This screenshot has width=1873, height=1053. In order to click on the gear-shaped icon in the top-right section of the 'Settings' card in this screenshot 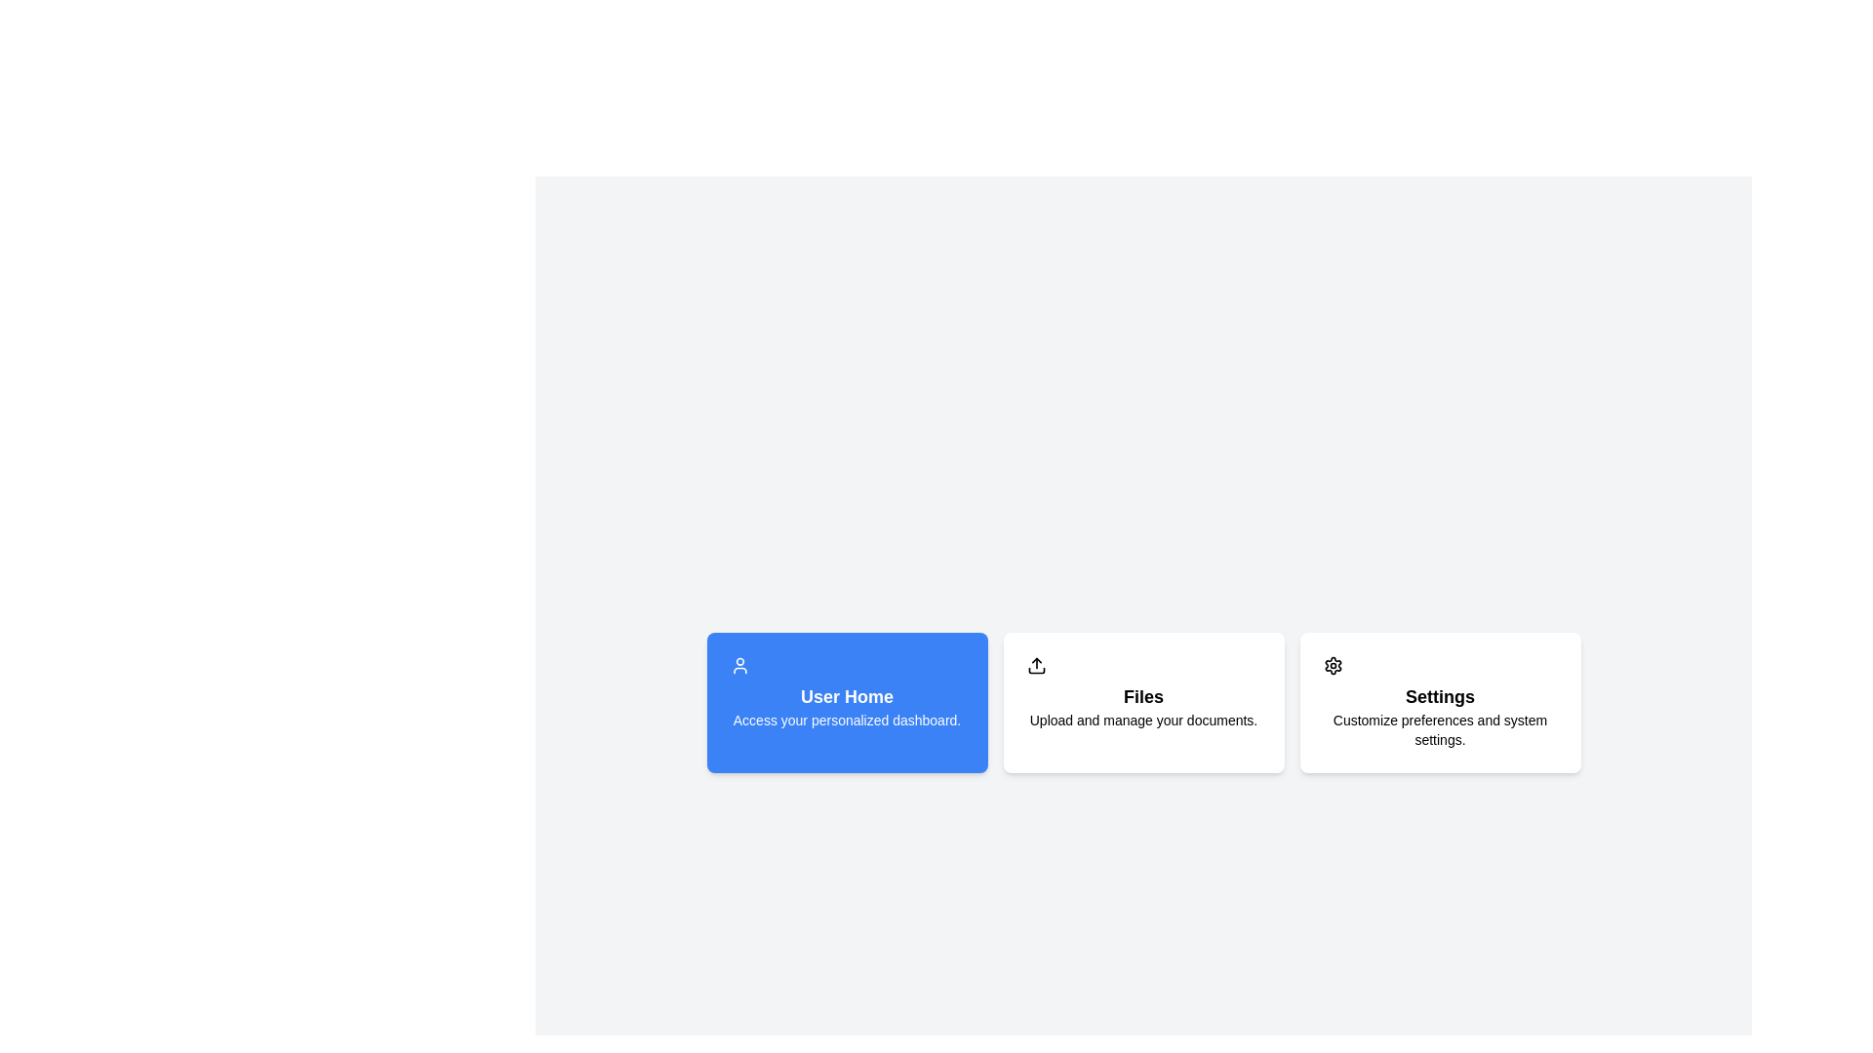, I will do `click(1332, 664)`.